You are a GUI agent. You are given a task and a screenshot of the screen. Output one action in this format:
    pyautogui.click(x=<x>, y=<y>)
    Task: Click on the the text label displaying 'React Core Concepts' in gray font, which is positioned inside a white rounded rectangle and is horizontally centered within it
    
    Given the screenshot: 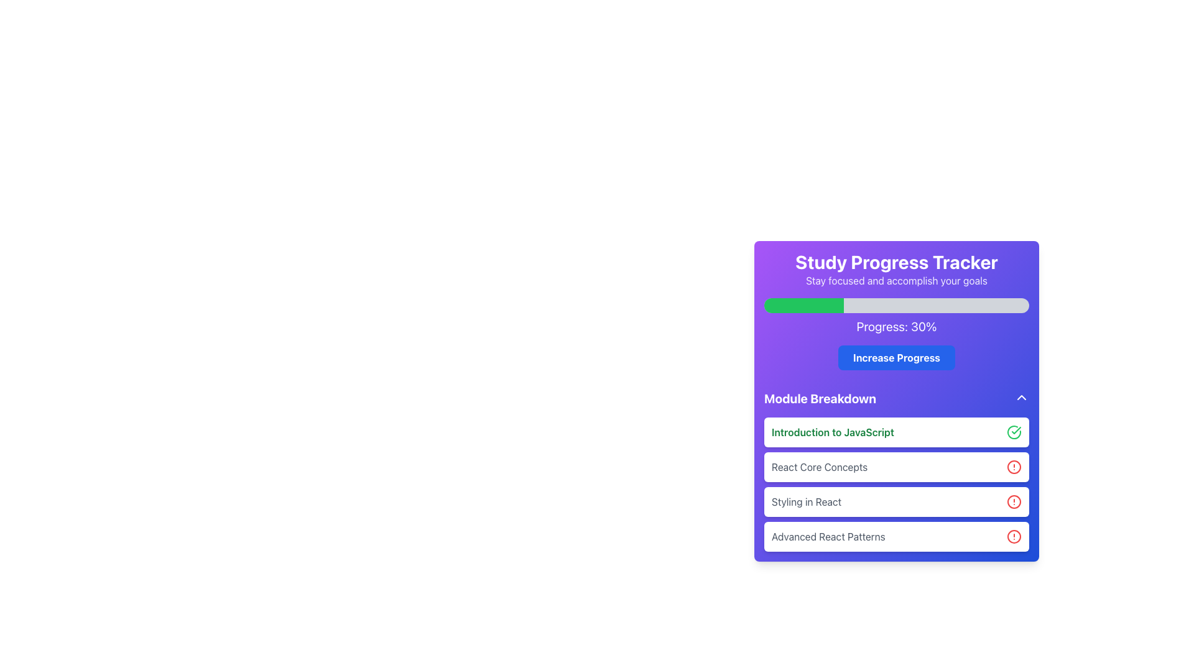 What is the action you would take?
    pyautogui.click(x=820, y=467)
    